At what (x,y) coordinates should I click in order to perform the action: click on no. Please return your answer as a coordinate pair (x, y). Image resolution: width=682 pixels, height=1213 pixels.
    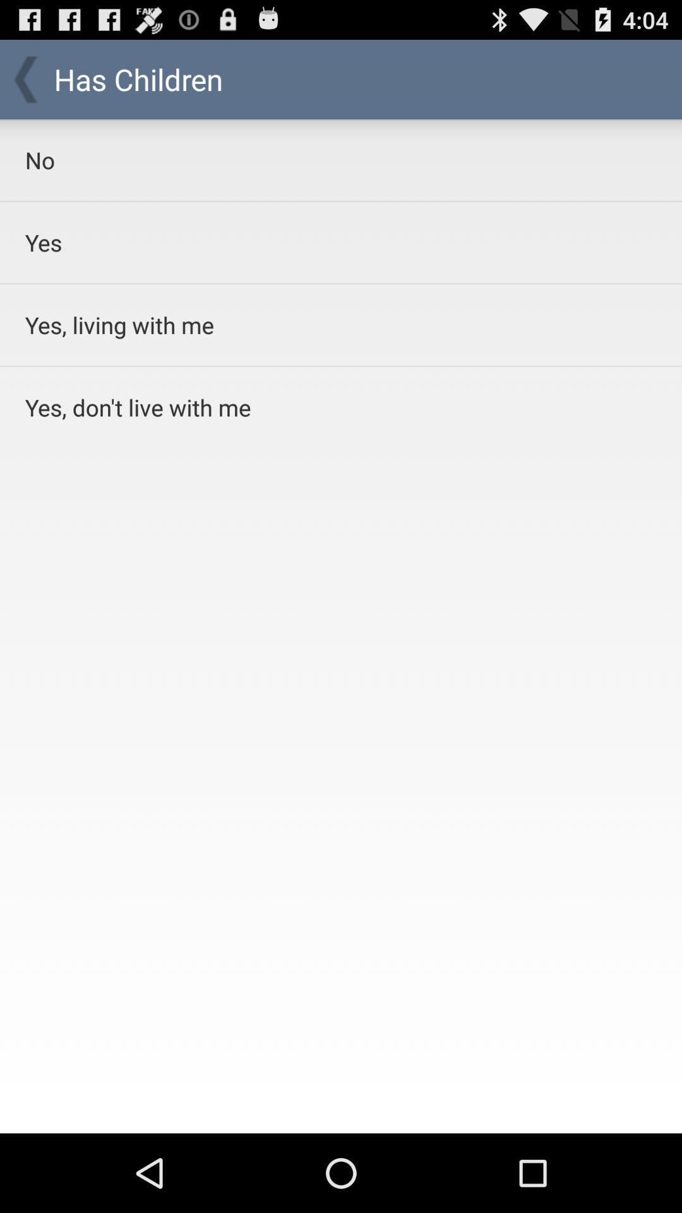
    Looking at the image, I should click on (309, 159).